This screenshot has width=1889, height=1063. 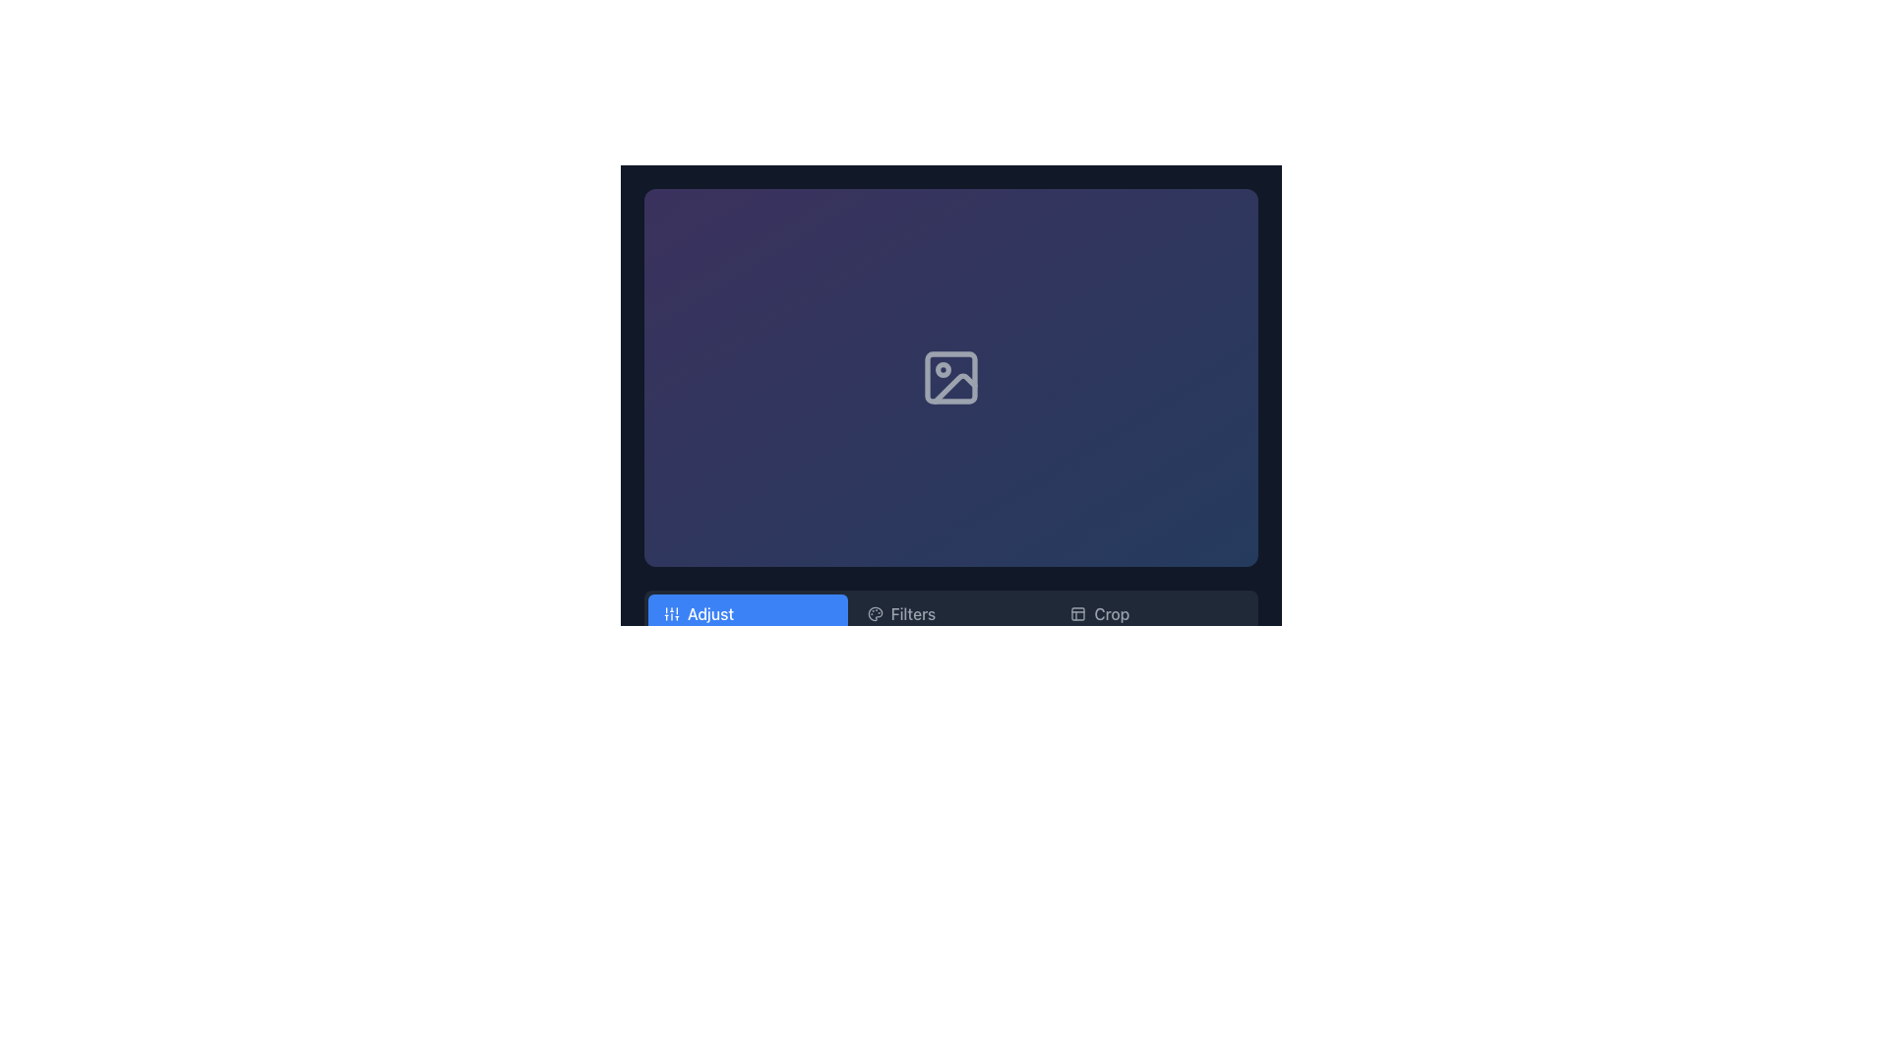 I want to click on the main body of the paint palette icon, which features a gray minimalistic design and is located at the bottom of the interface, so click(x=874, y=613).